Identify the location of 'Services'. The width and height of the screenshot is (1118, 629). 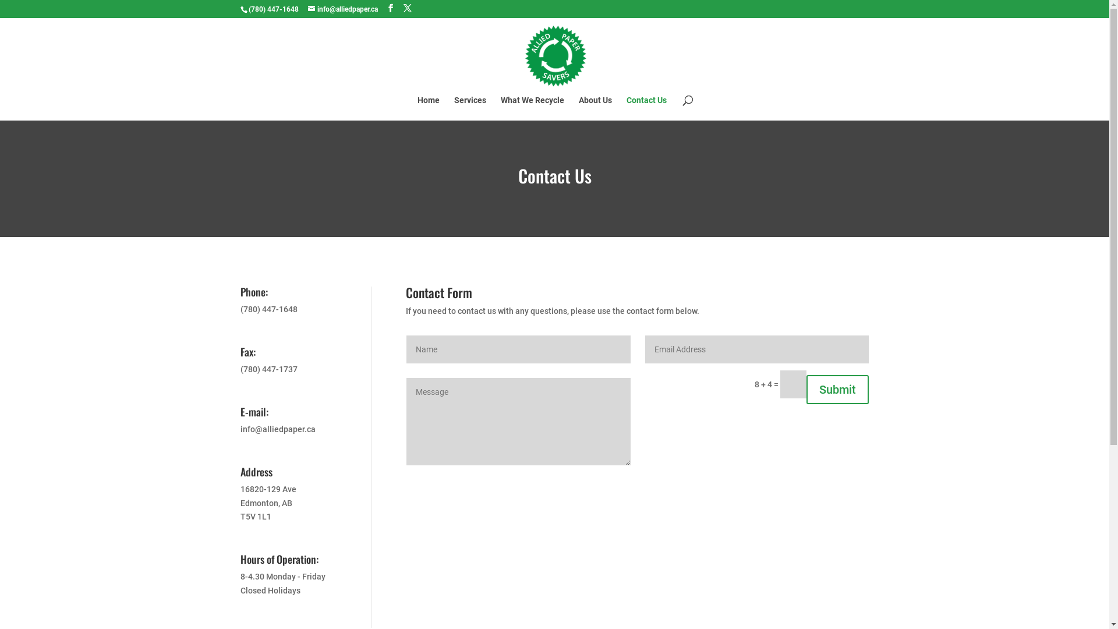
(470, 108).